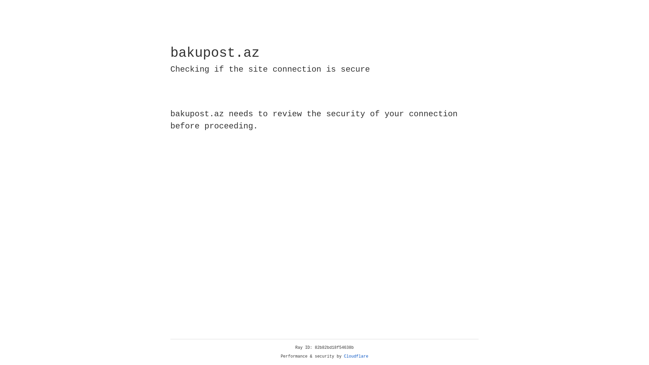  I want to click on 'Cloudflare', so click(356, 356).